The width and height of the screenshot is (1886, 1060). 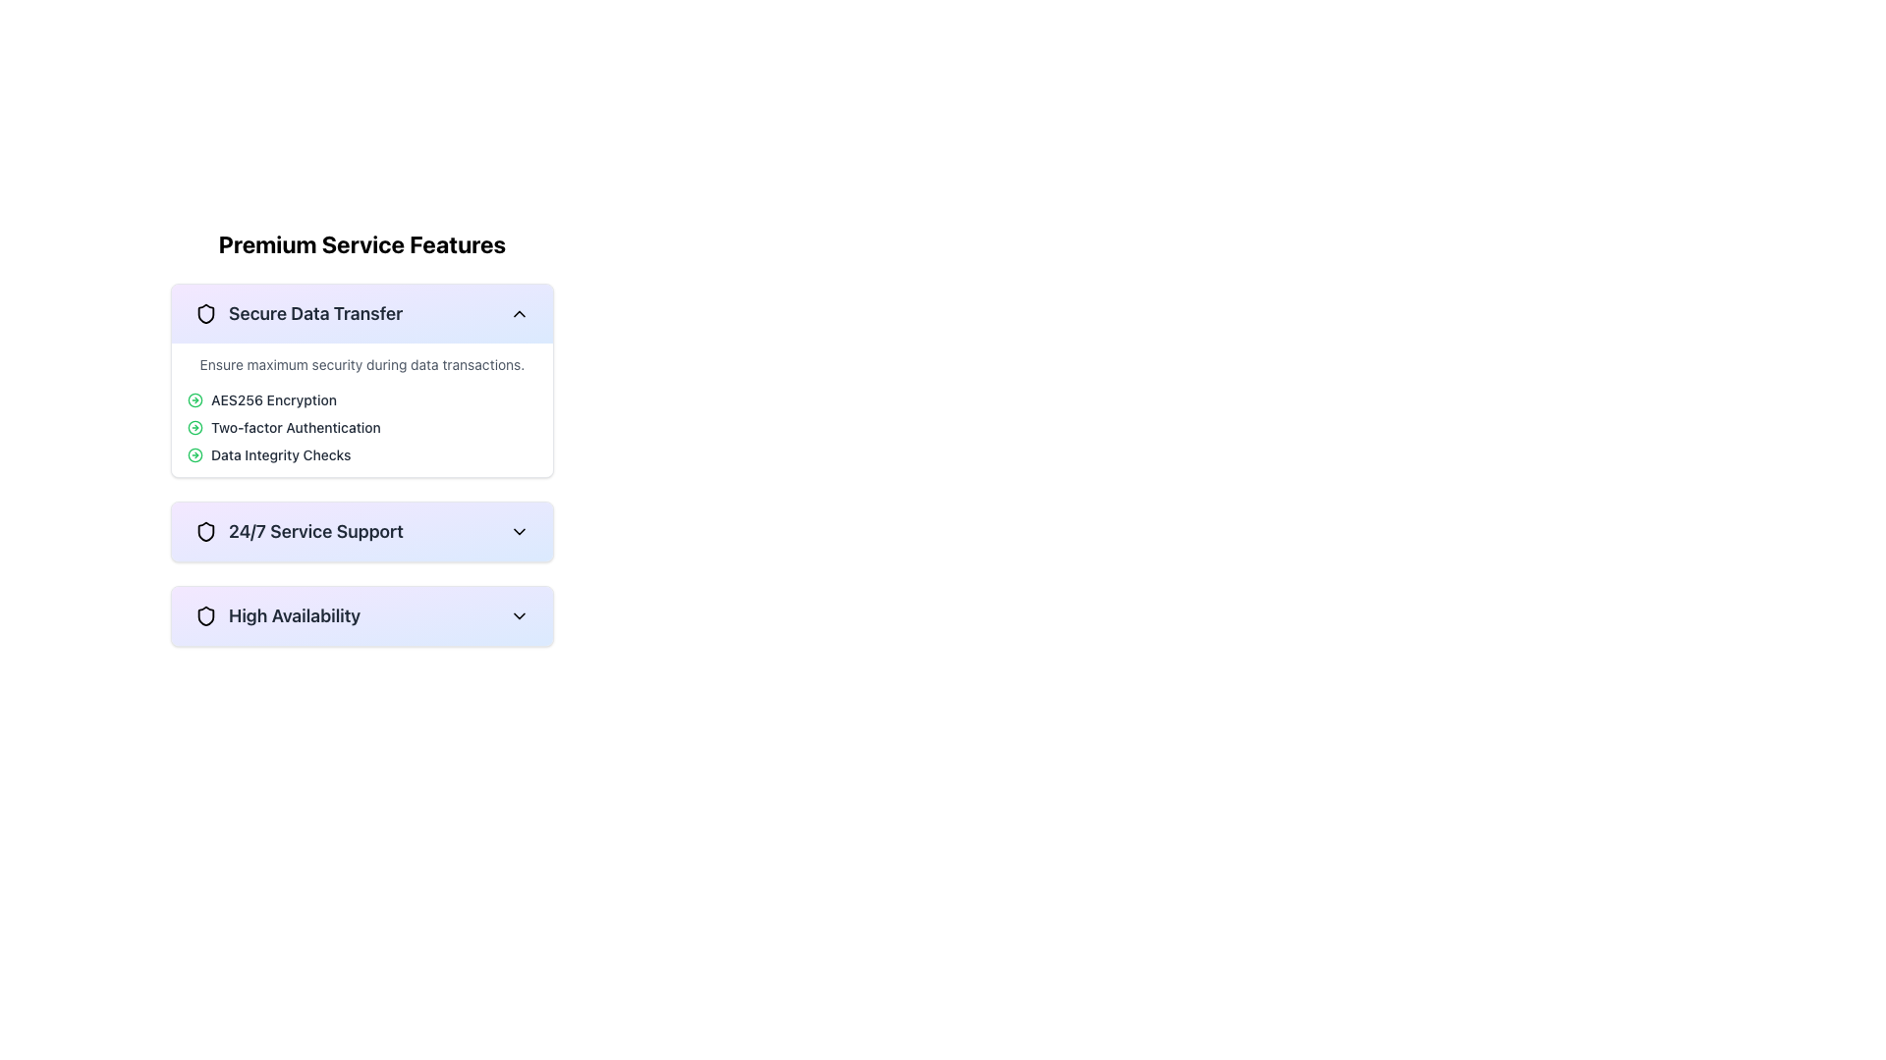 I want to click on the 'Secure Data Transfer' text label, so click(x=315, y=313).